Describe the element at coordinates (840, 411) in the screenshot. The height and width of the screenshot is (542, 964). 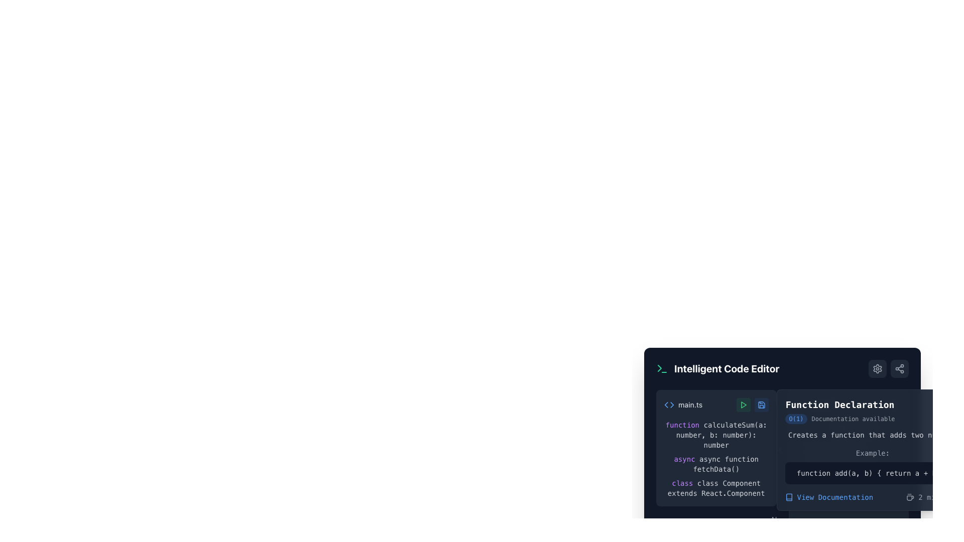
I see `text label displaying 'Function Declaration' in bold white color, located near the top-right corner of the secondary panel within a card-like structure` at that location.